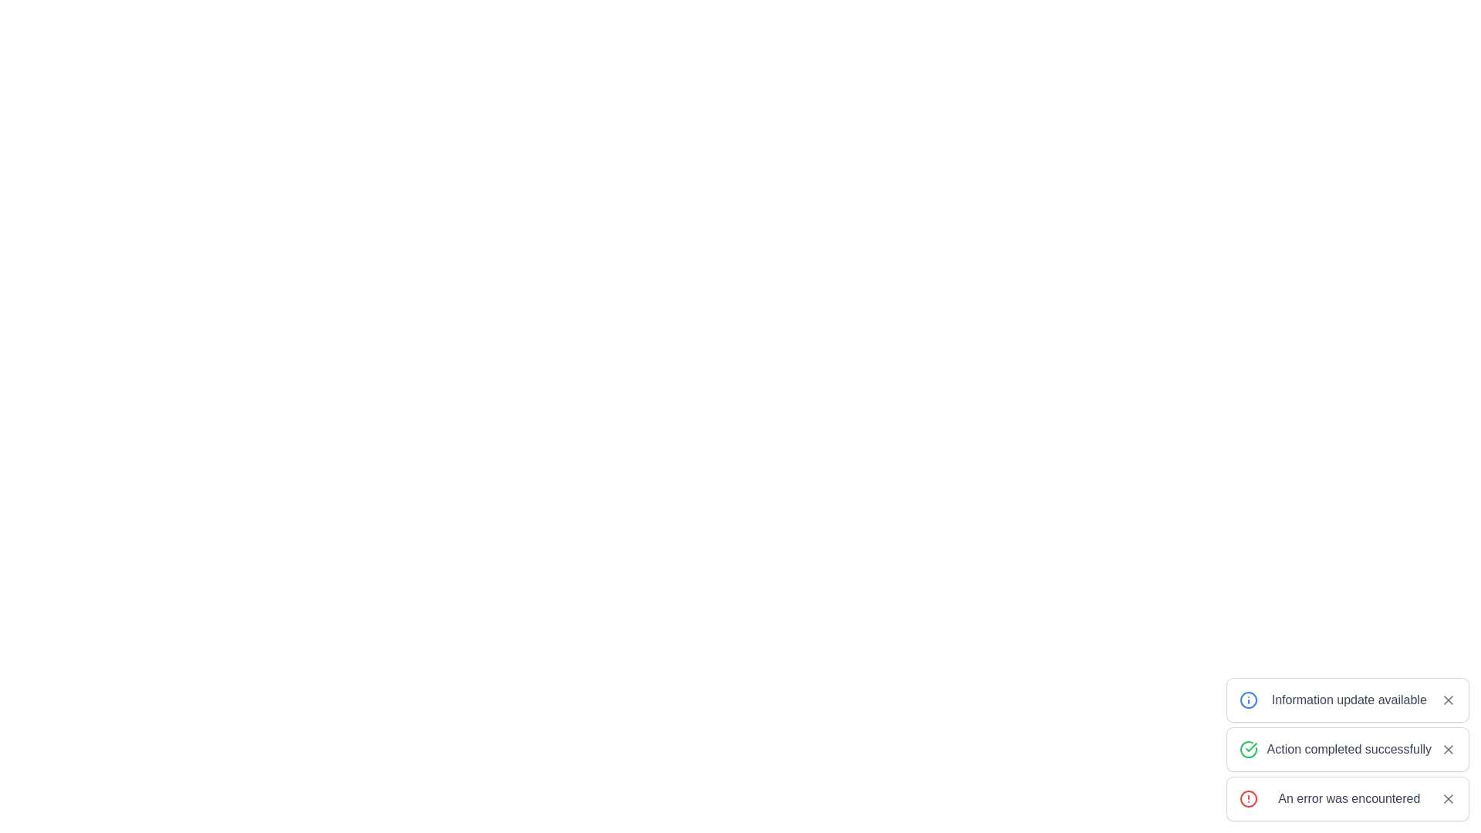  I want to click on notification text from the second notification in the vertically aligned list located at the bottom-right corner of the interface, which informs the user about the successful completion of an action, so click(1347, 749).